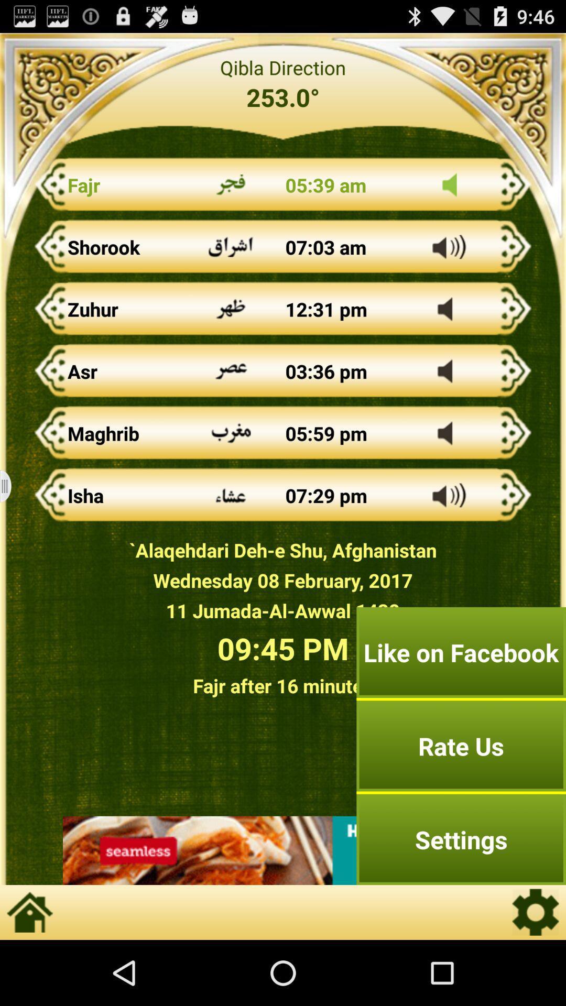 This screenshot has height=1006, width=566. Describe the element at coordinates (283, 850) in the screenshot. I see `advertisement` at that location.